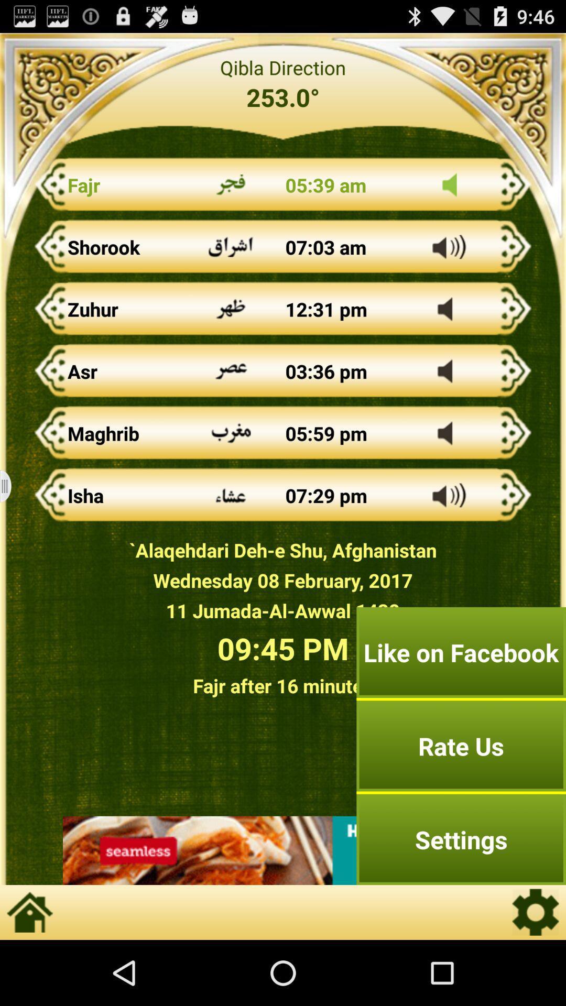 This screenshot has height=1006, width=566. Describe the element at coordinates (283, 850) in the screenshot. I see `advertisement` at that location.